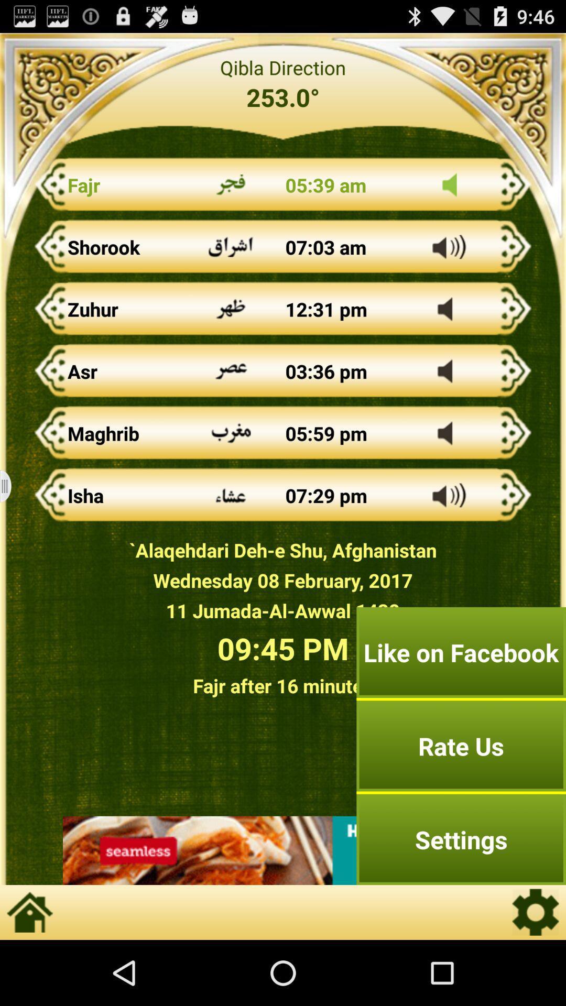 This screenshot has height=1006, width=566. Describe the element at coordinates (283, 850) in the screenshot. I see `advertisement` at that location.